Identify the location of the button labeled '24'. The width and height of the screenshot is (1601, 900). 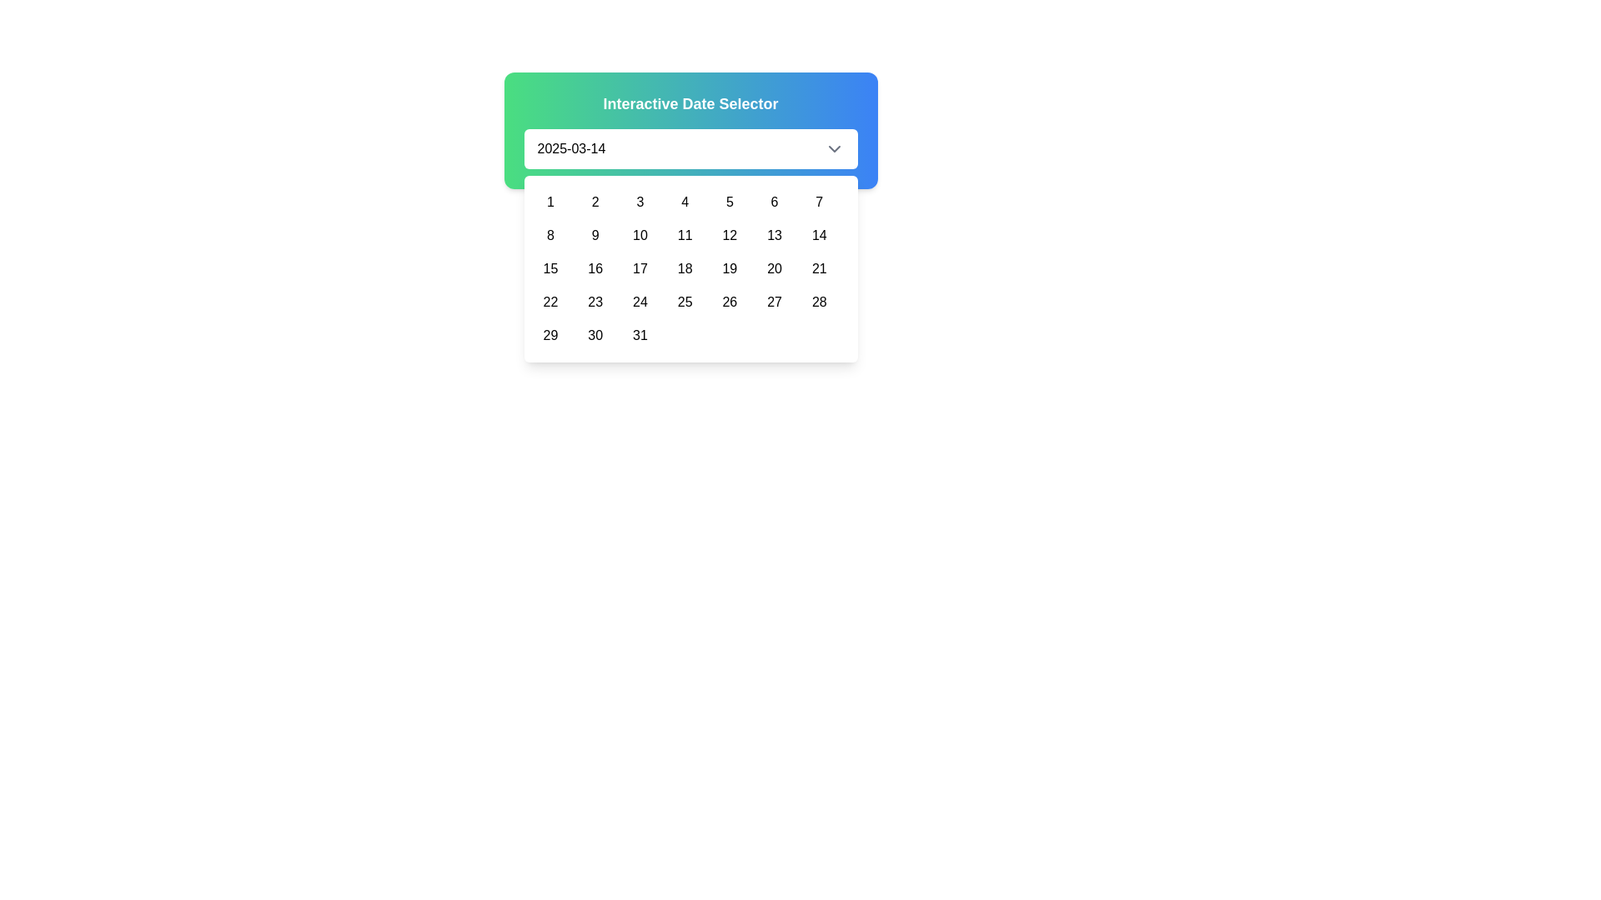
(640, 302).